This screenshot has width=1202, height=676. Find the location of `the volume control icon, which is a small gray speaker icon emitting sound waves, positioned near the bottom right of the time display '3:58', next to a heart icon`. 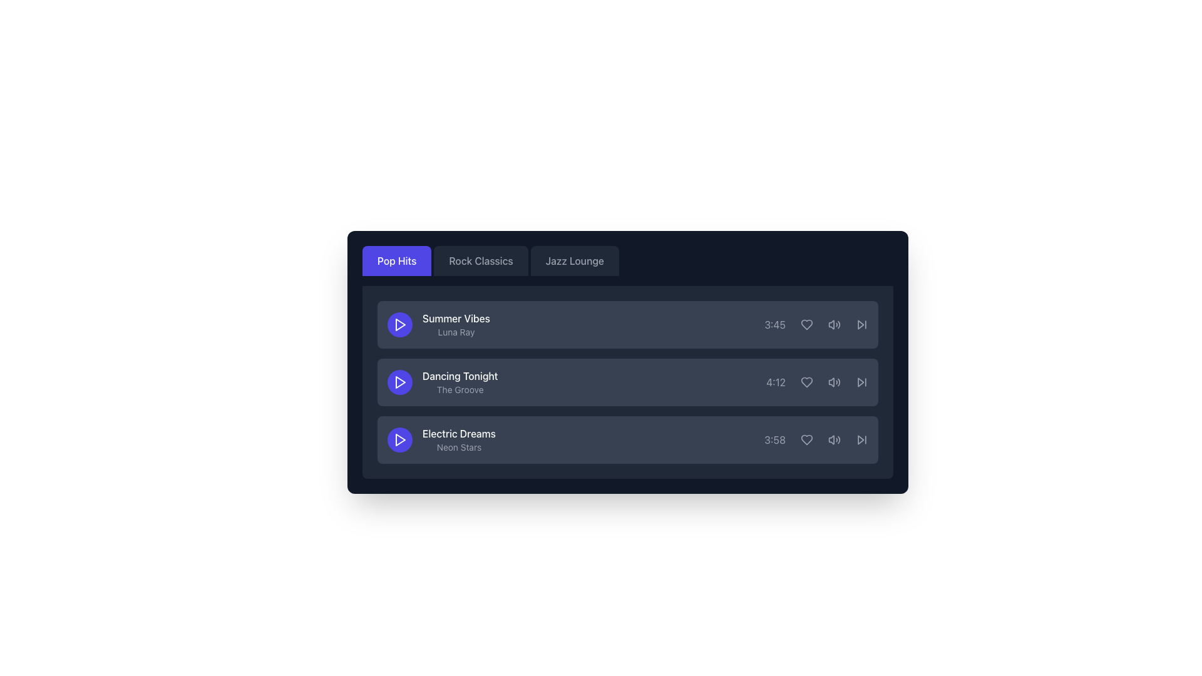

the volume control icon, which is a small gray speaker icon emitting sound waves, positioned near the bottom right of the time display '3:58', next to a heart icon is located at coordinates (835, 439).